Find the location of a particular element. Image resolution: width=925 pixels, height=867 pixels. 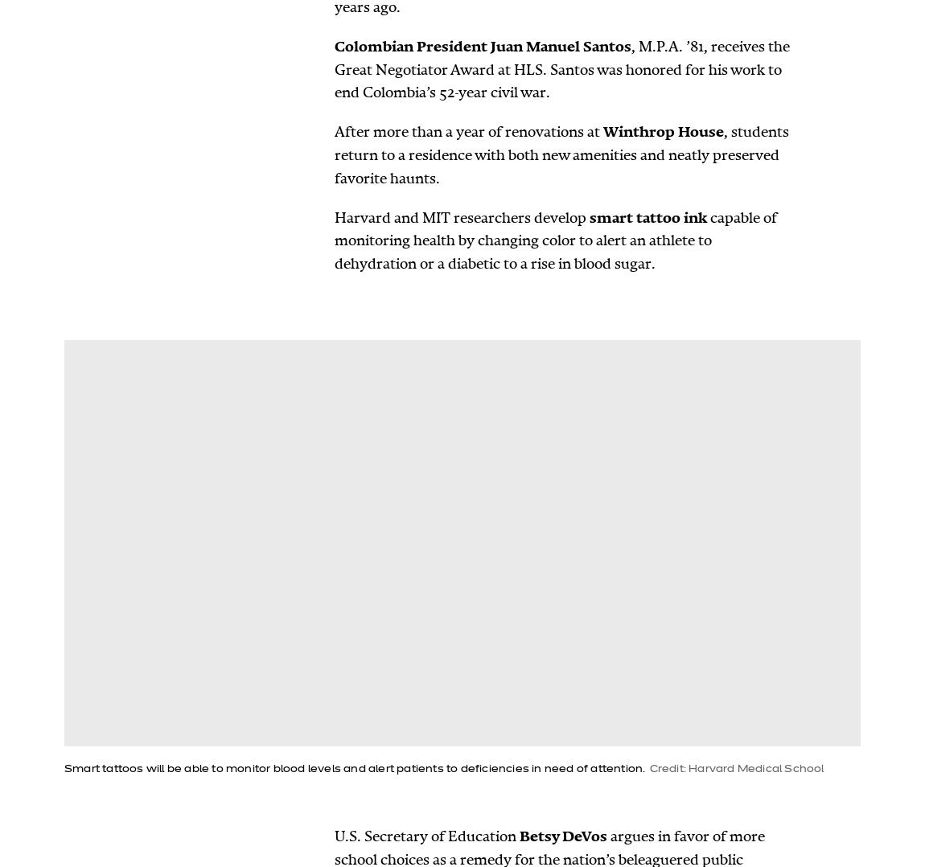

'capable of monitoring health by changing color to alert an athlete to dehydration or a diabetic to a rise in blood sugar.' is located at coordinates (555, 240).